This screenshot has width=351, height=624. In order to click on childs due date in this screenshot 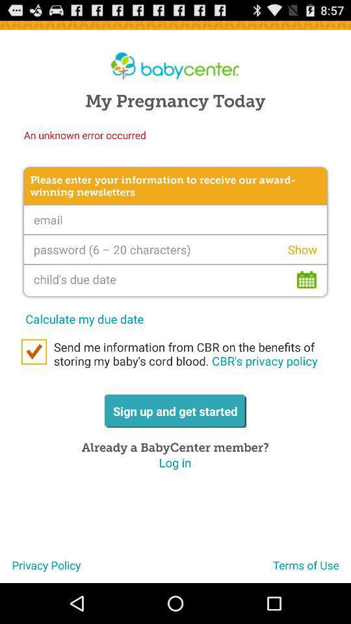, I will do `click(175, 280)`.